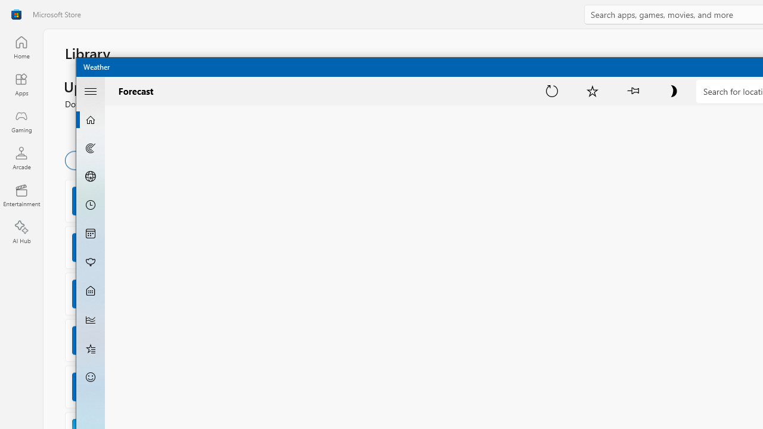  Describe the element at coordinates (21, 194) in the screenshot. I see `'Entertainment'` at that location.